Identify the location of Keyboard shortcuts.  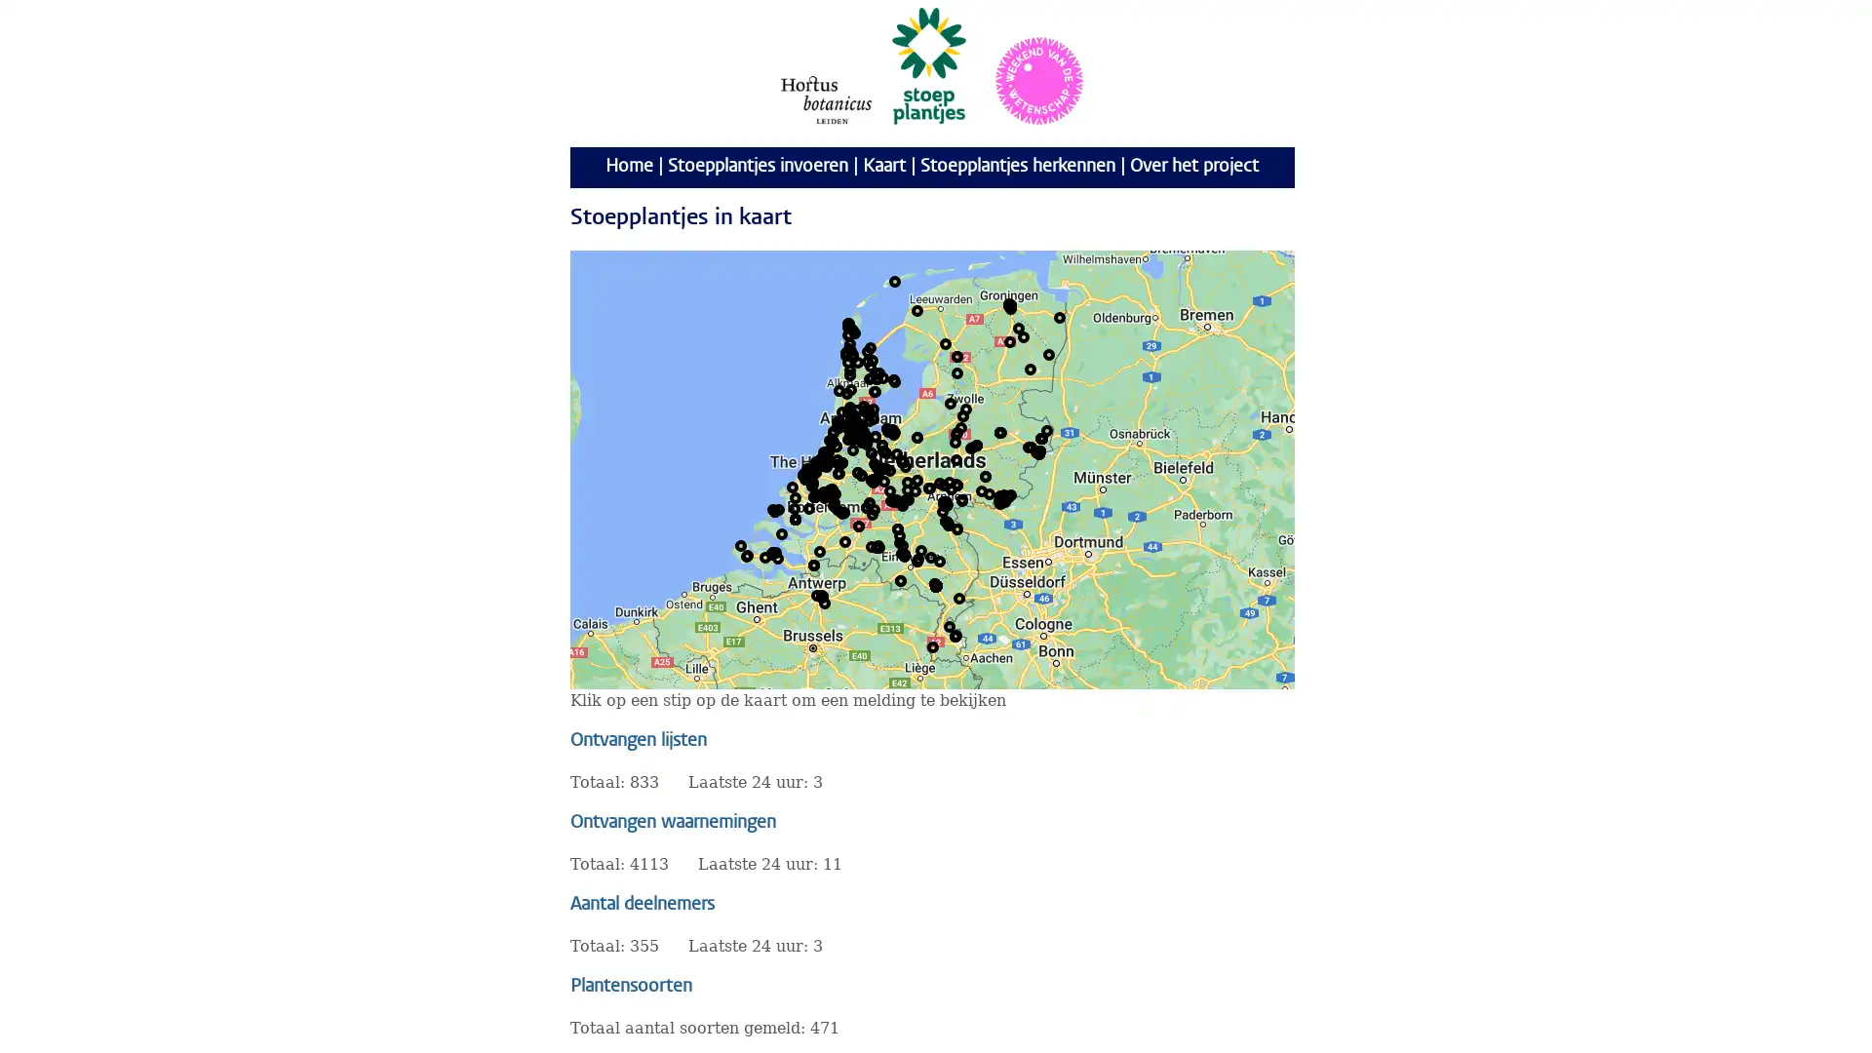
(807, 685).